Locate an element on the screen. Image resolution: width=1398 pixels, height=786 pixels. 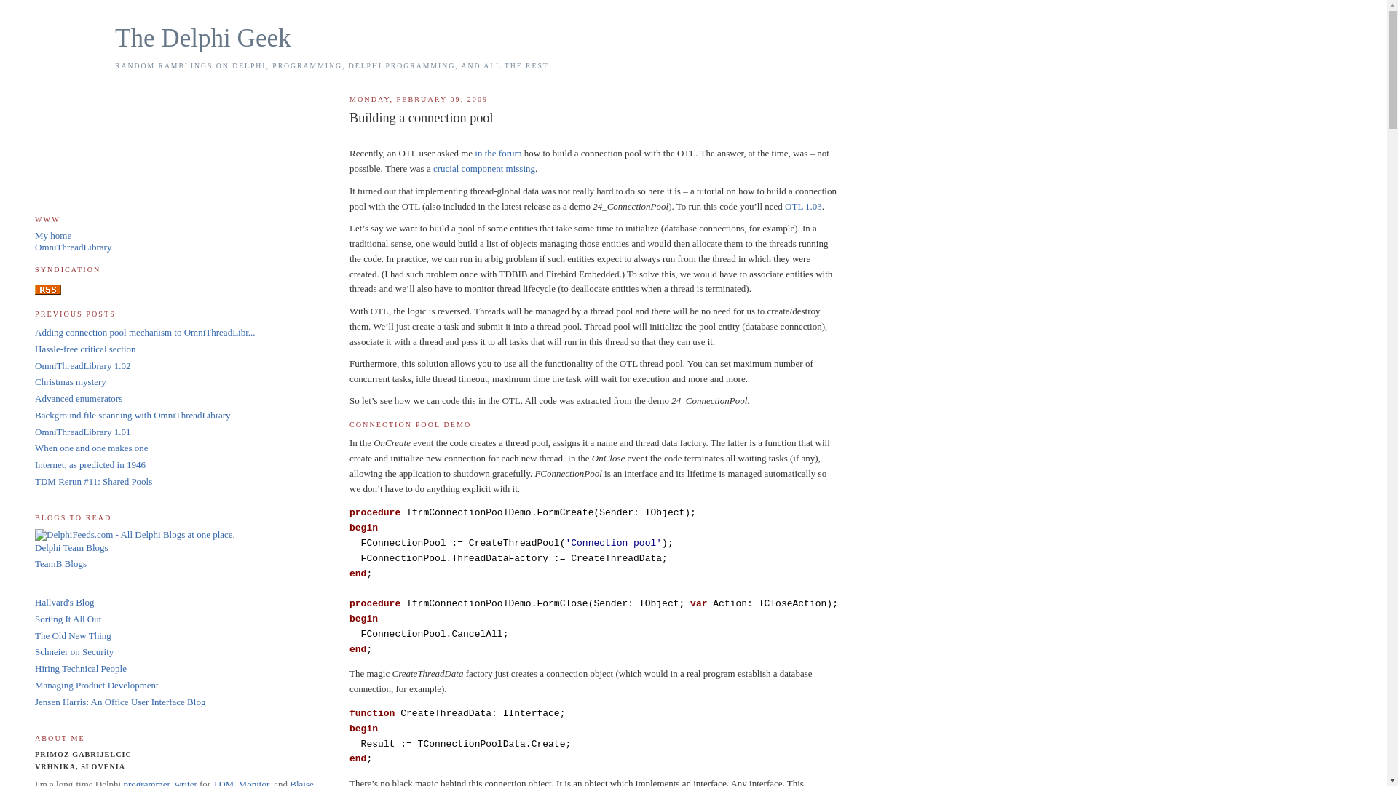
'Delphi Team Blogs' is located at coordinates (71, 547).